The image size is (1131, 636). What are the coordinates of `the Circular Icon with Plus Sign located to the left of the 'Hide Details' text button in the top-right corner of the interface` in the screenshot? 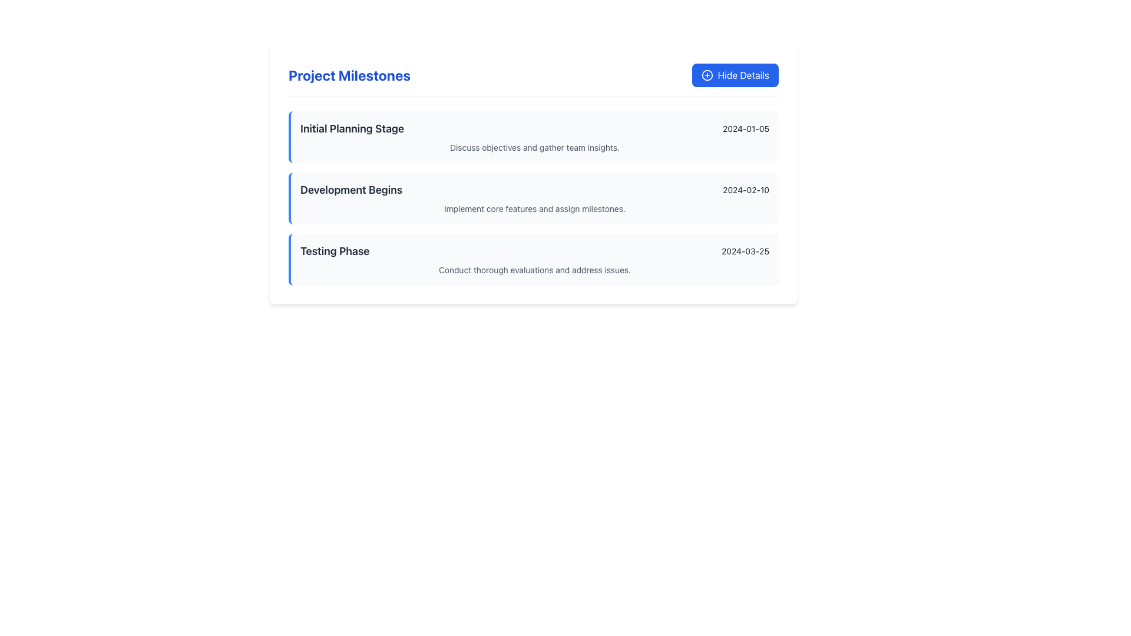 It's located at (707, 75).